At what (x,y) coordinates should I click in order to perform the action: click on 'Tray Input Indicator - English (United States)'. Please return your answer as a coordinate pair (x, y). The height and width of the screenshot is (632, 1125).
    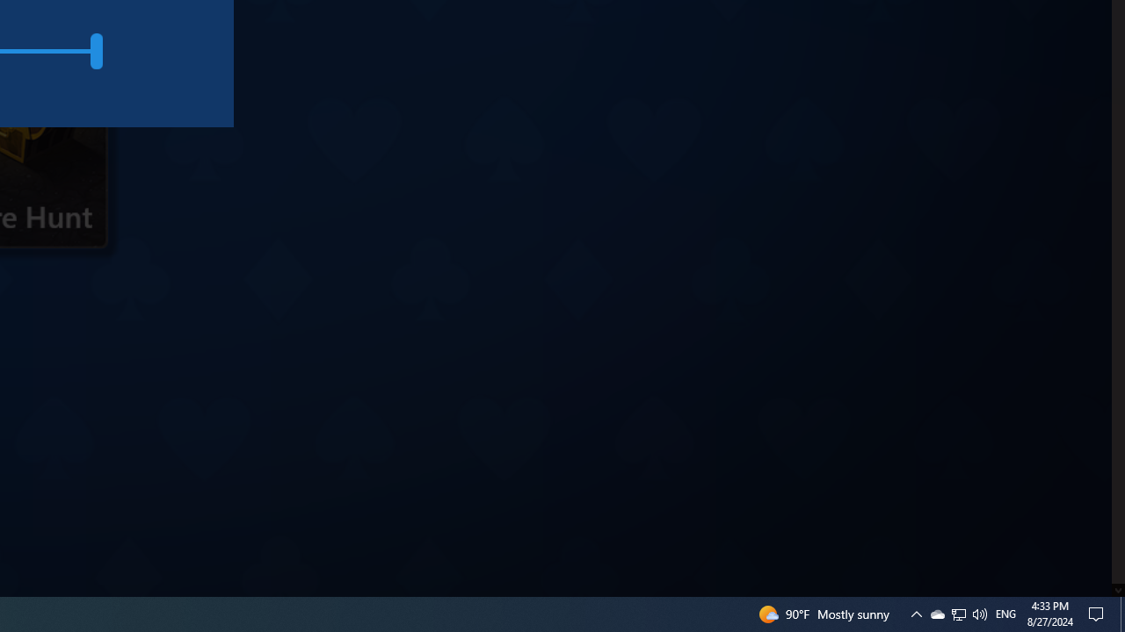
    Looking at the image, I should click on (1005, 613).